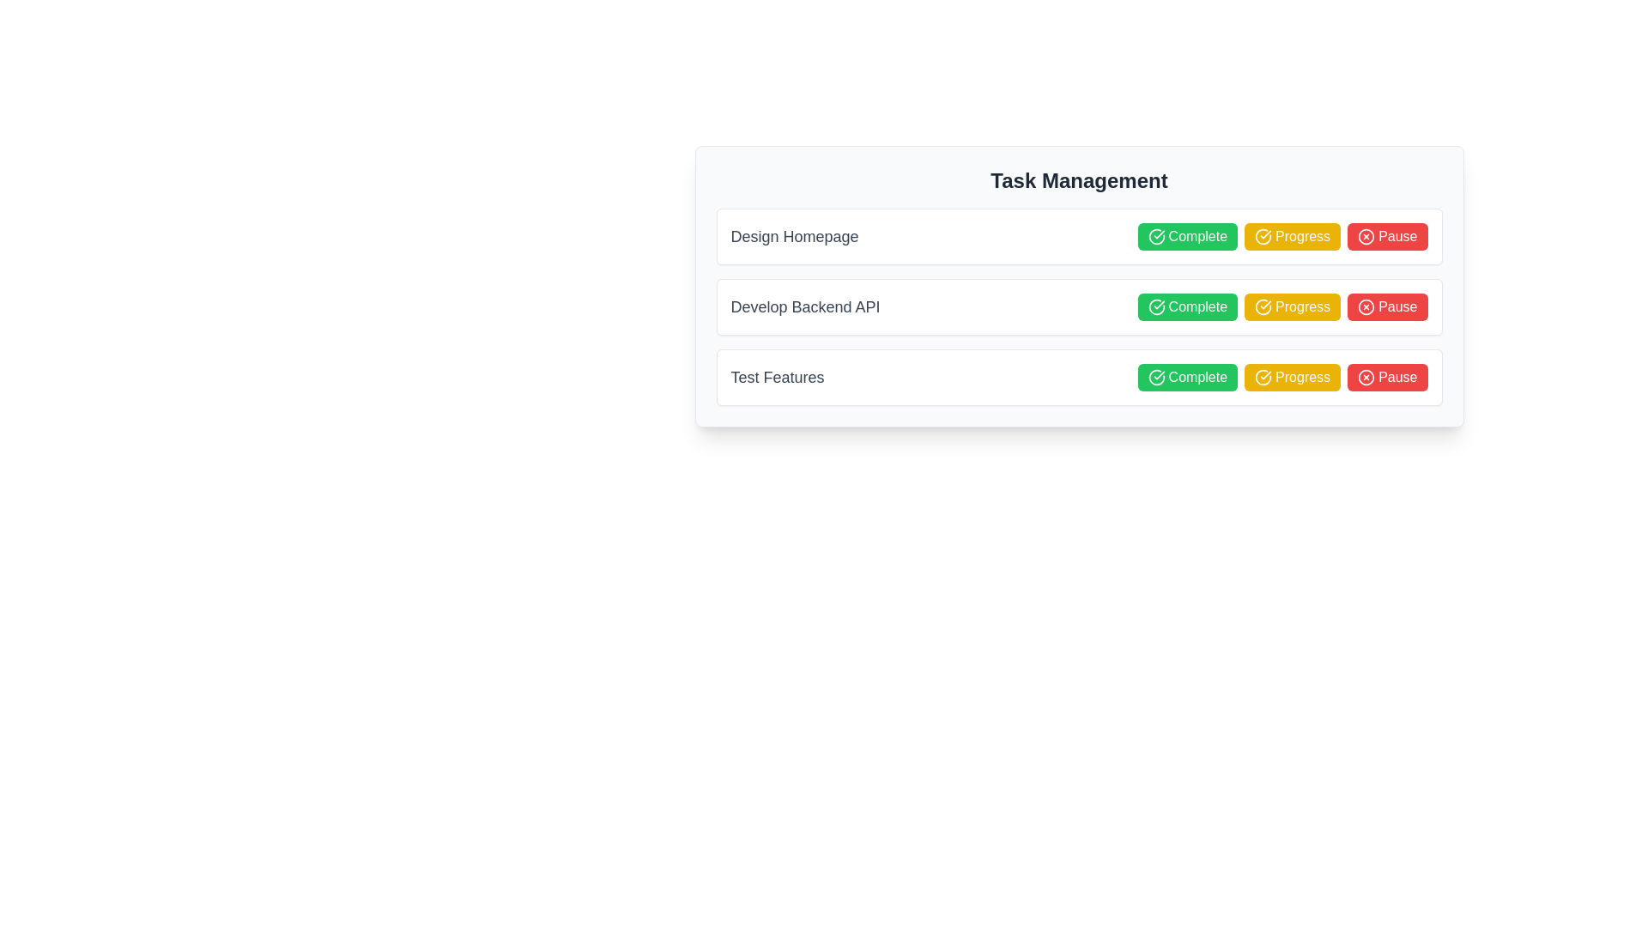 This screenshot has width=1648, height=927. I want to click on the yellow 'Progress' button with rounded corners and a white check mark icon, so click(1293, 237).